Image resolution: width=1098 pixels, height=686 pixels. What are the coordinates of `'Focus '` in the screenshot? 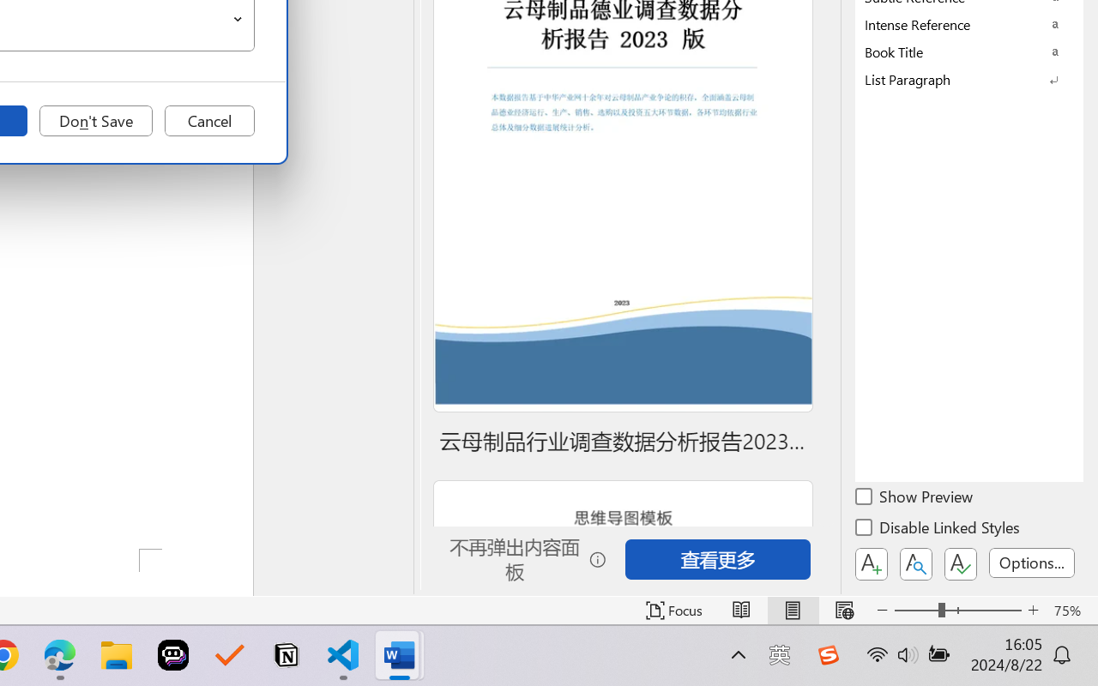 It's located at (673, 610).